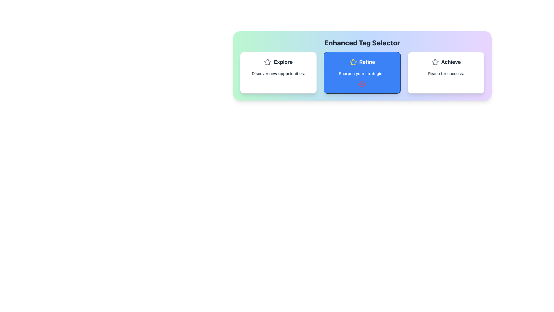 Image resolution: width=554 pixels, height=312 pixels. Describe the element at coordinates (362, 73) in the screenshot. I see `the subtitle text label located within the blue rounded rectangle of the 'Refine' card, positioned below the title and star icon` at that location.